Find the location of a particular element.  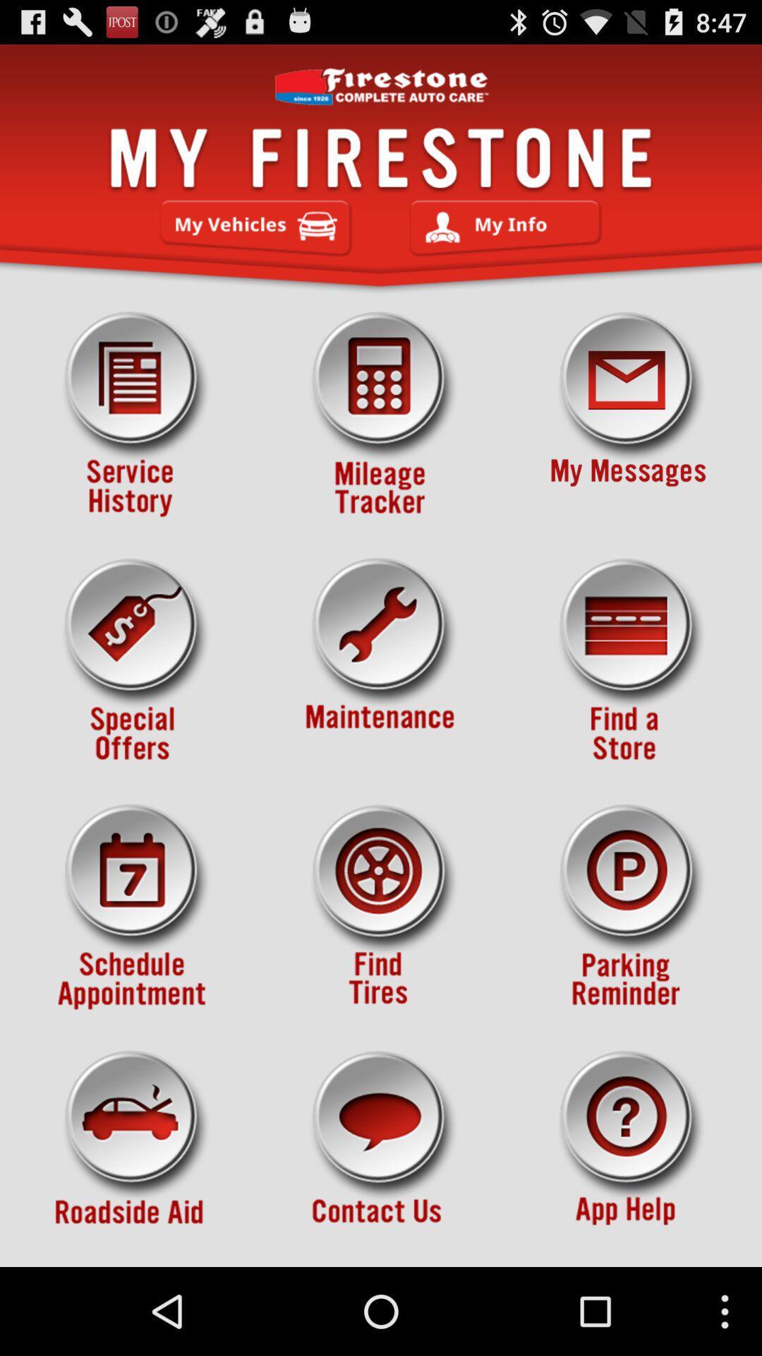

set date is located at coordinates (133, 907).